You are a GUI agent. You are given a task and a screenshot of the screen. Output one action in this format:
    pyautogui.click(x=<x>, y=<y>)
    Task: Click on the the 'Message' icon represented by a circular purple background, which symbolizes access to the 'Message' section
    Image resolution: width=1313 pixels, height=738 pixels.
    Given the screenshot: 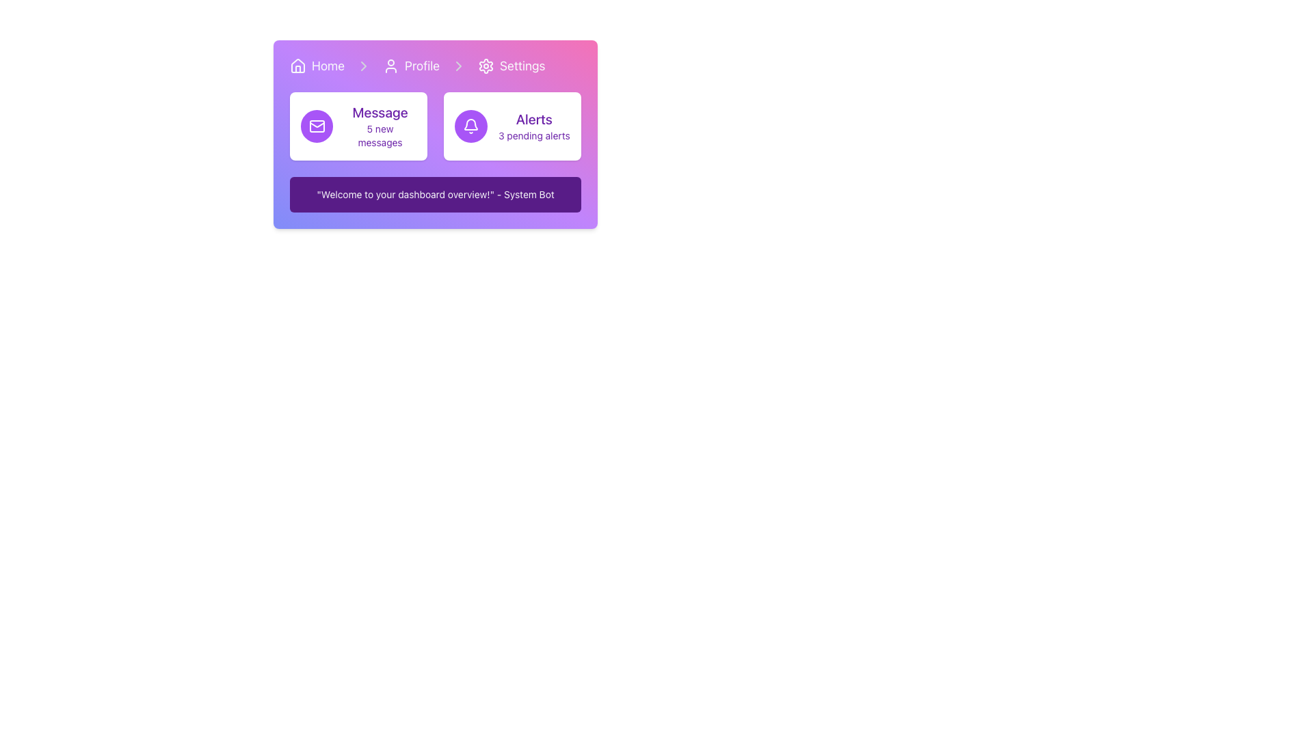 What is the action you would take?
    pyautogui.click(x=316, y=126)
    